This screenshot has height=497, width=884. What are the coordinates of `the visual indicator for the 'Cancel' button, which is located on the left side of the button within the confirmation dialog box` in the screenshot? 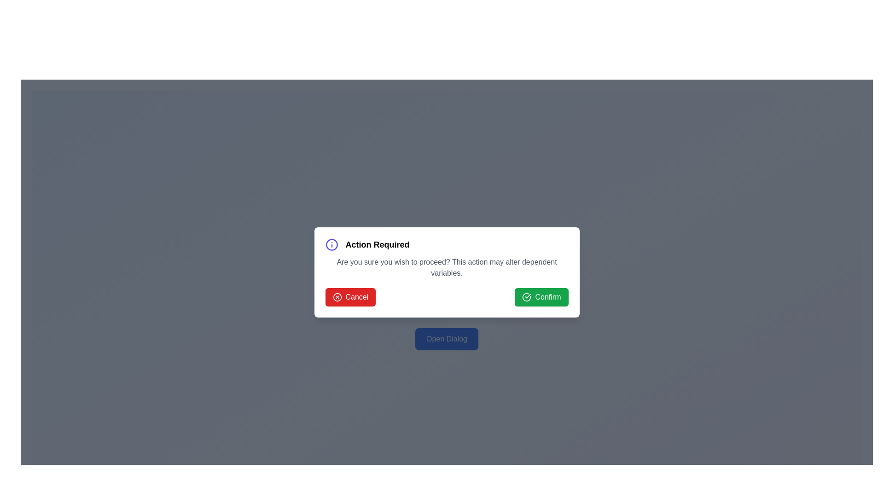 It's located at (337, 297).